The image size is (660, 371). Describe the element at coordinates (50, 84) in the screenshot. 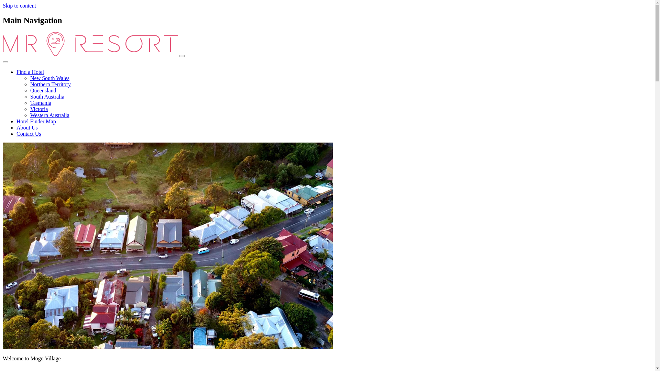

I see `'Northern Territory'` at that location.